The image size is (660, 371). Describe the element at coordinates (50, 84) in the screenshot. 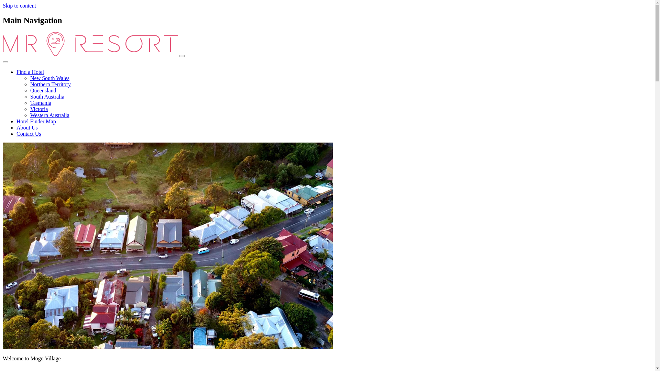

I see `'Northern Territory'` at that location.